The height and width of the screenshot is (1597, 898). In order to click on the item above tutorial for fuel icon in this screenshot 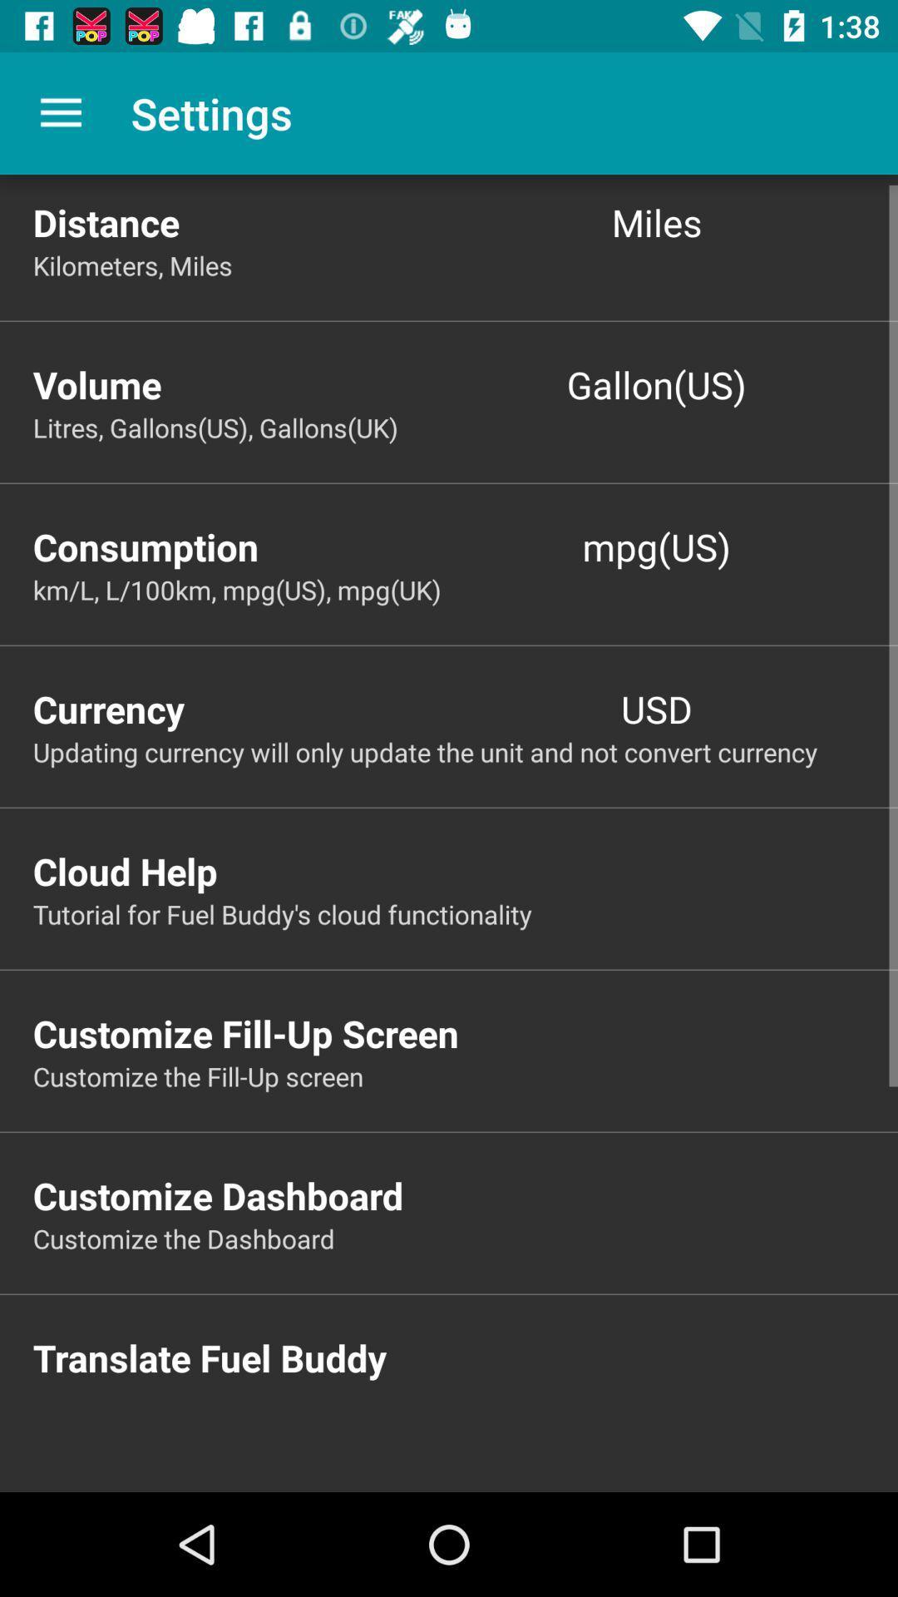, I will do `click(465, 870)`.